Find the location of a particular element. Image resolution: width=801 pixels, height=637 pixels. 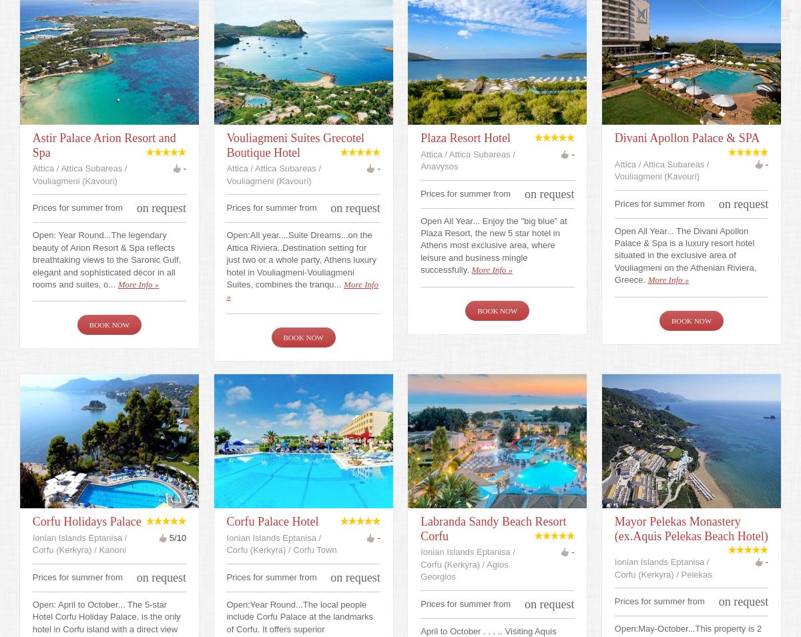

'Labranda Sandy Beach Resort Corfu' is located at coordinates (493, 528).